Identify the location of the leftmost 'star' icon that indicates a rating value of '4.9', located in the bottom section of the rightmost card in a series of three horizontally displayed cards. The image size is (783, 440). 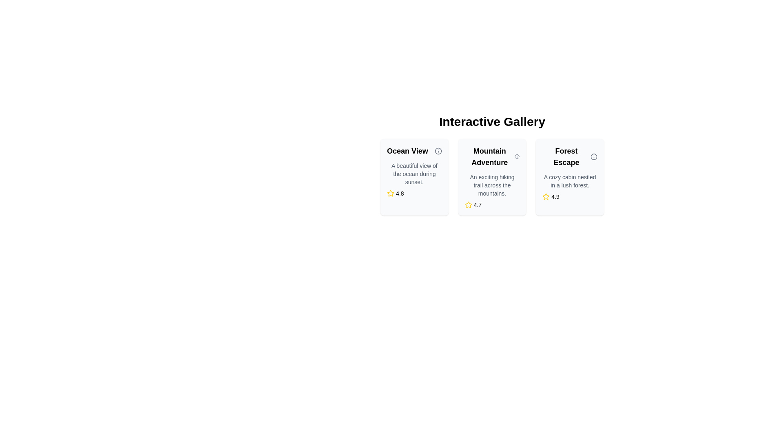
(546, 196).